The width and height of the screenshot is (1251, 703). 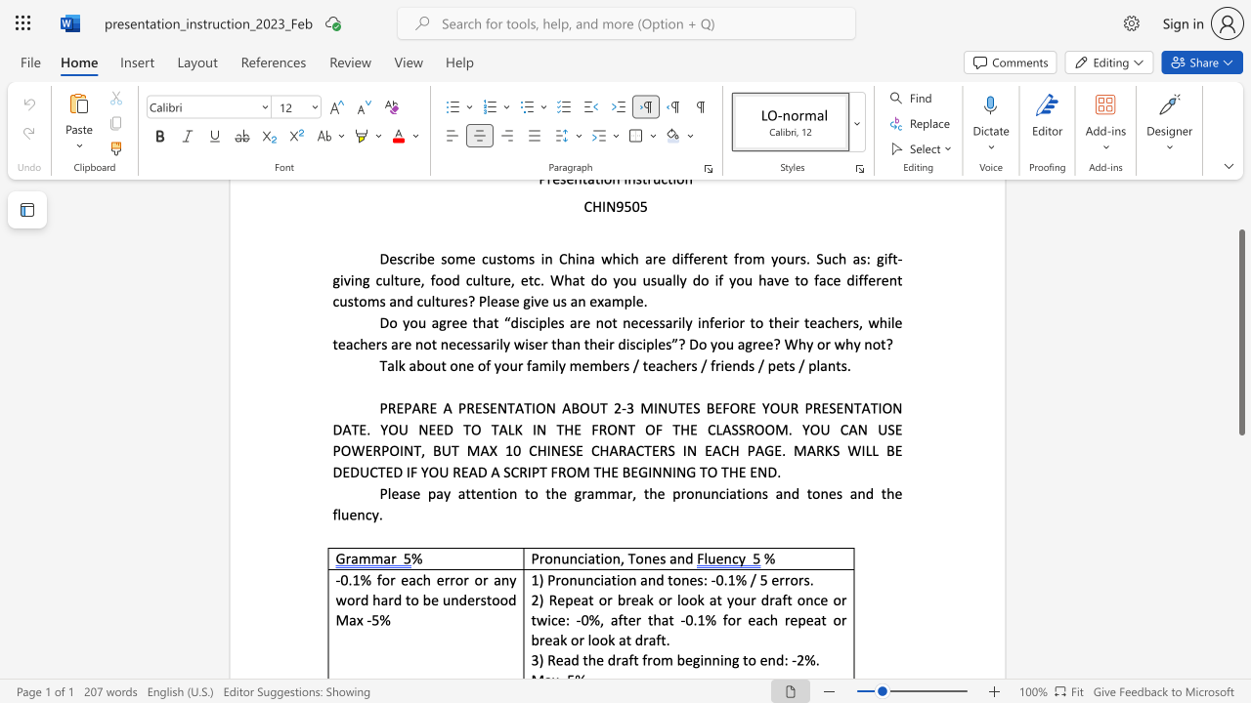 What do you see at coordinates (1240, 331) in the screenshot?
I see `the scrollbar and move down 360 pixels` at bounding box center [1240, 331].